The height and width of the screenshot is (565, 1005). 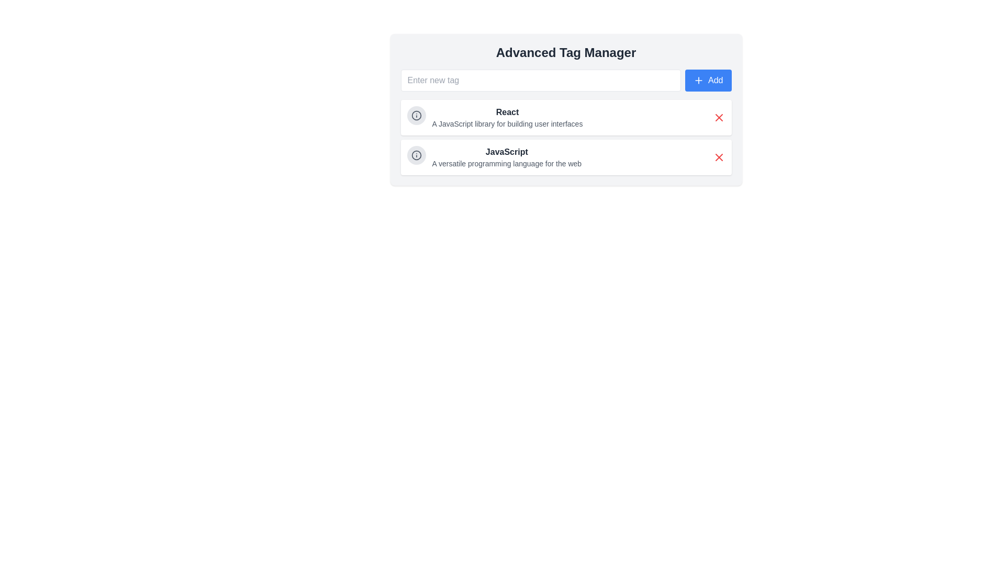 What do you see at coordinates (565, 157) in the screenshot?
I see `the 'X' icon on the second interactive card within the 'Advanced Tag Manager'` at bounding box center [565, 157].